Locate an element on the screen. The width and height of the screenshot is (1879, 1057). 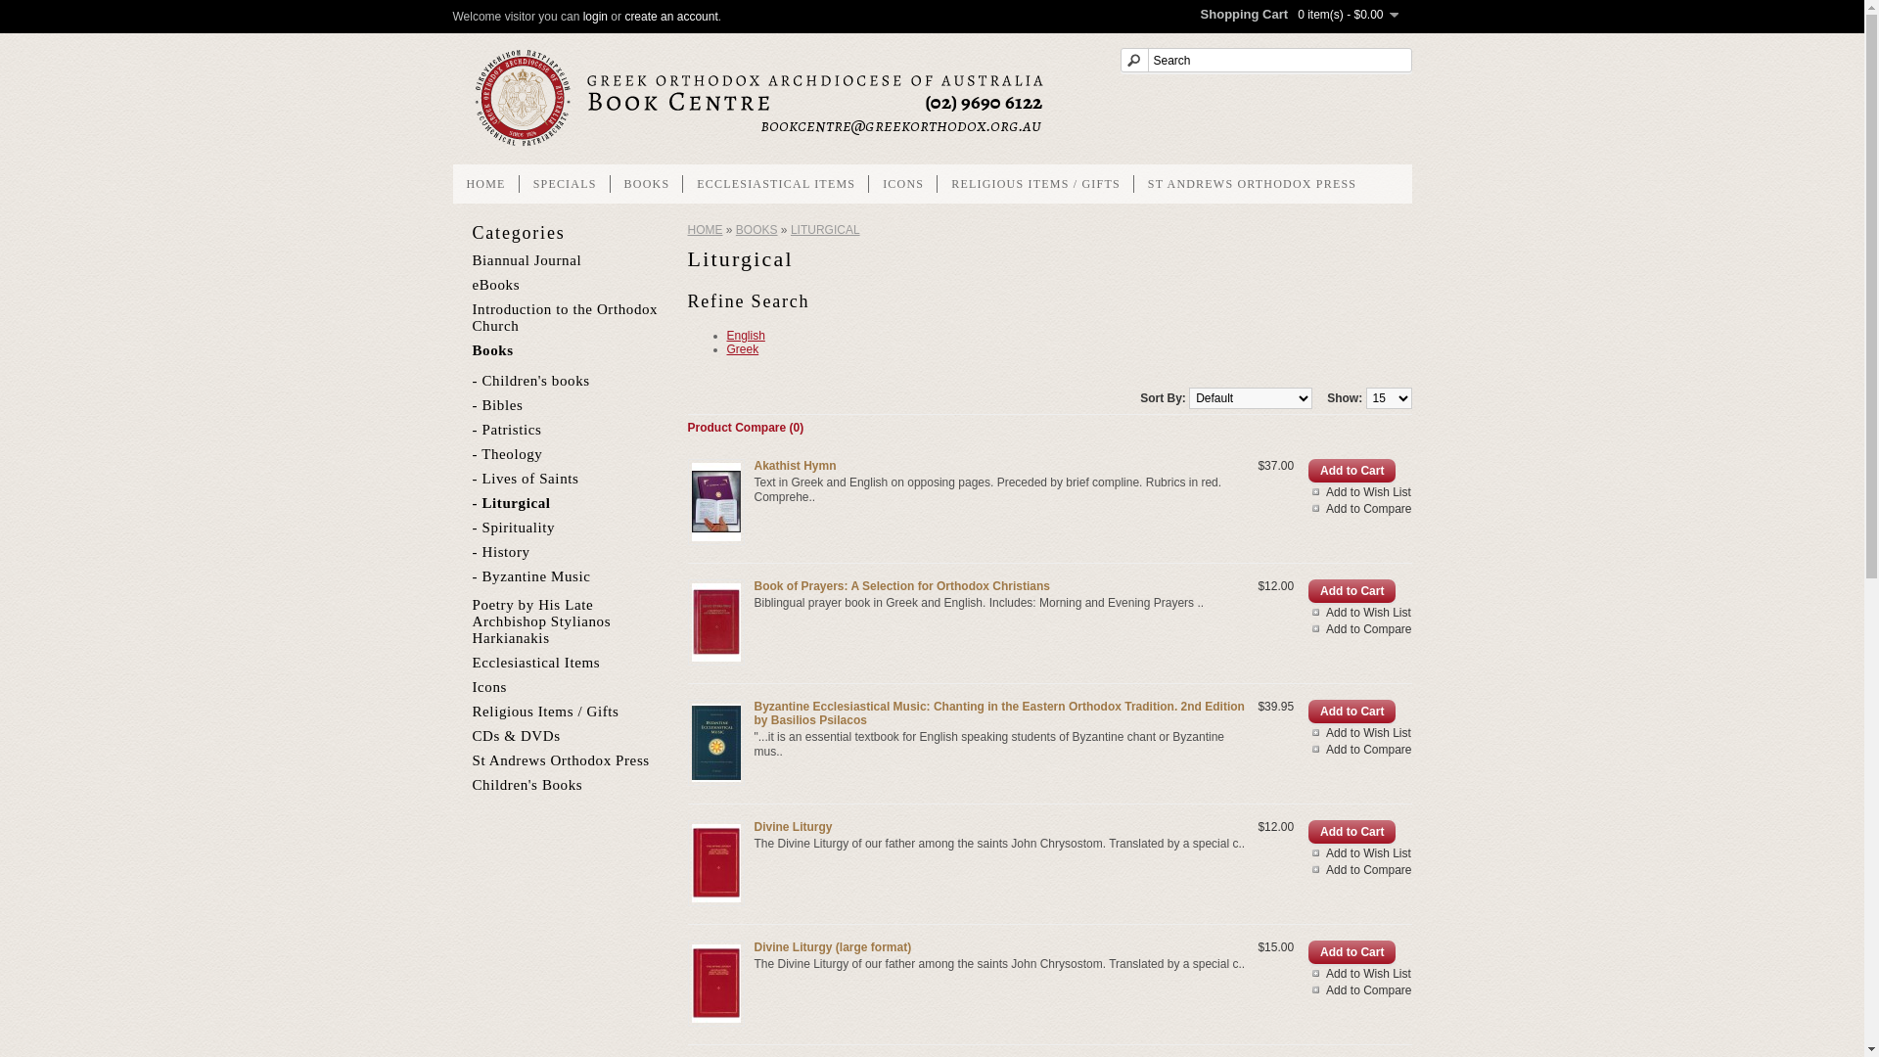
'Product Compare (0)' is located at coordinates (686, 426).